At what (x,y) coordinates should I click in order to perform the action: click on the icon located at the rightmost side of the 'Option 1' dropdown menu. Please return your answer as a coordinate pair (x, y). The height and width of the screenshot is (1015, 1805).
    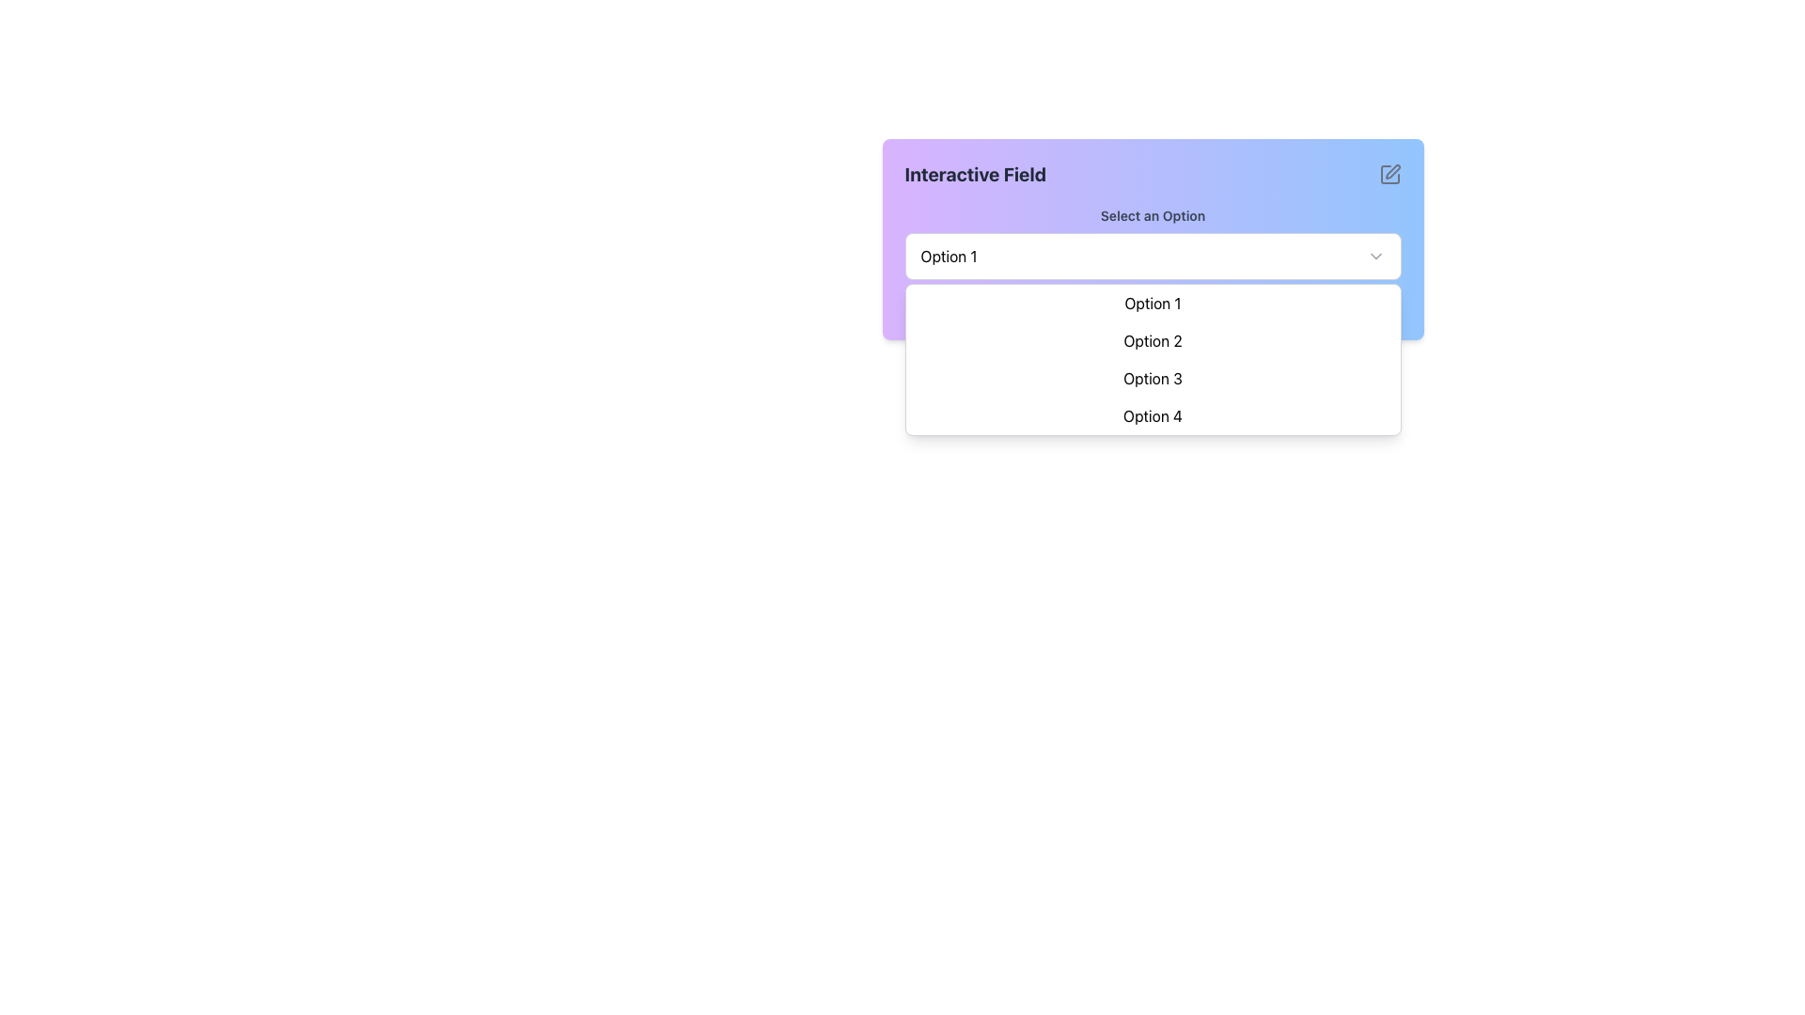
    Looking at the image, I should click on (1375, 257).